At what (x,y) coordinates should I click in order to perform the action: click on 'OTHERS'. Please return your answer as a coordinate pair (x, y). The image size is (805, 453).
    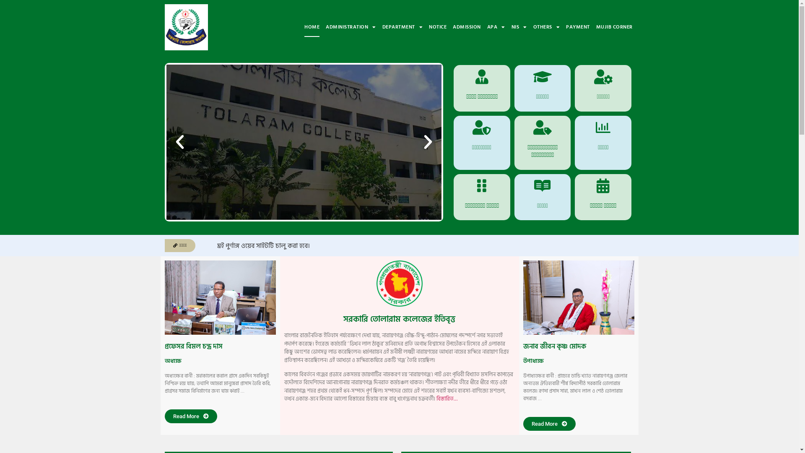
    Looking at the image, I should click on (547, 27).